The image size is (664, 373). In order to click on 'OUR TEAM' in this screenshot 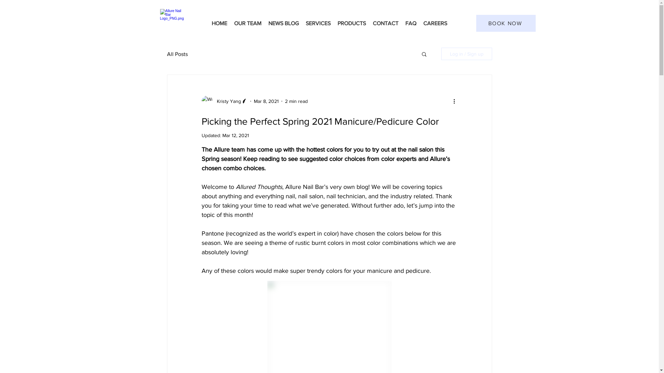, I will do `click(248, 23)`.